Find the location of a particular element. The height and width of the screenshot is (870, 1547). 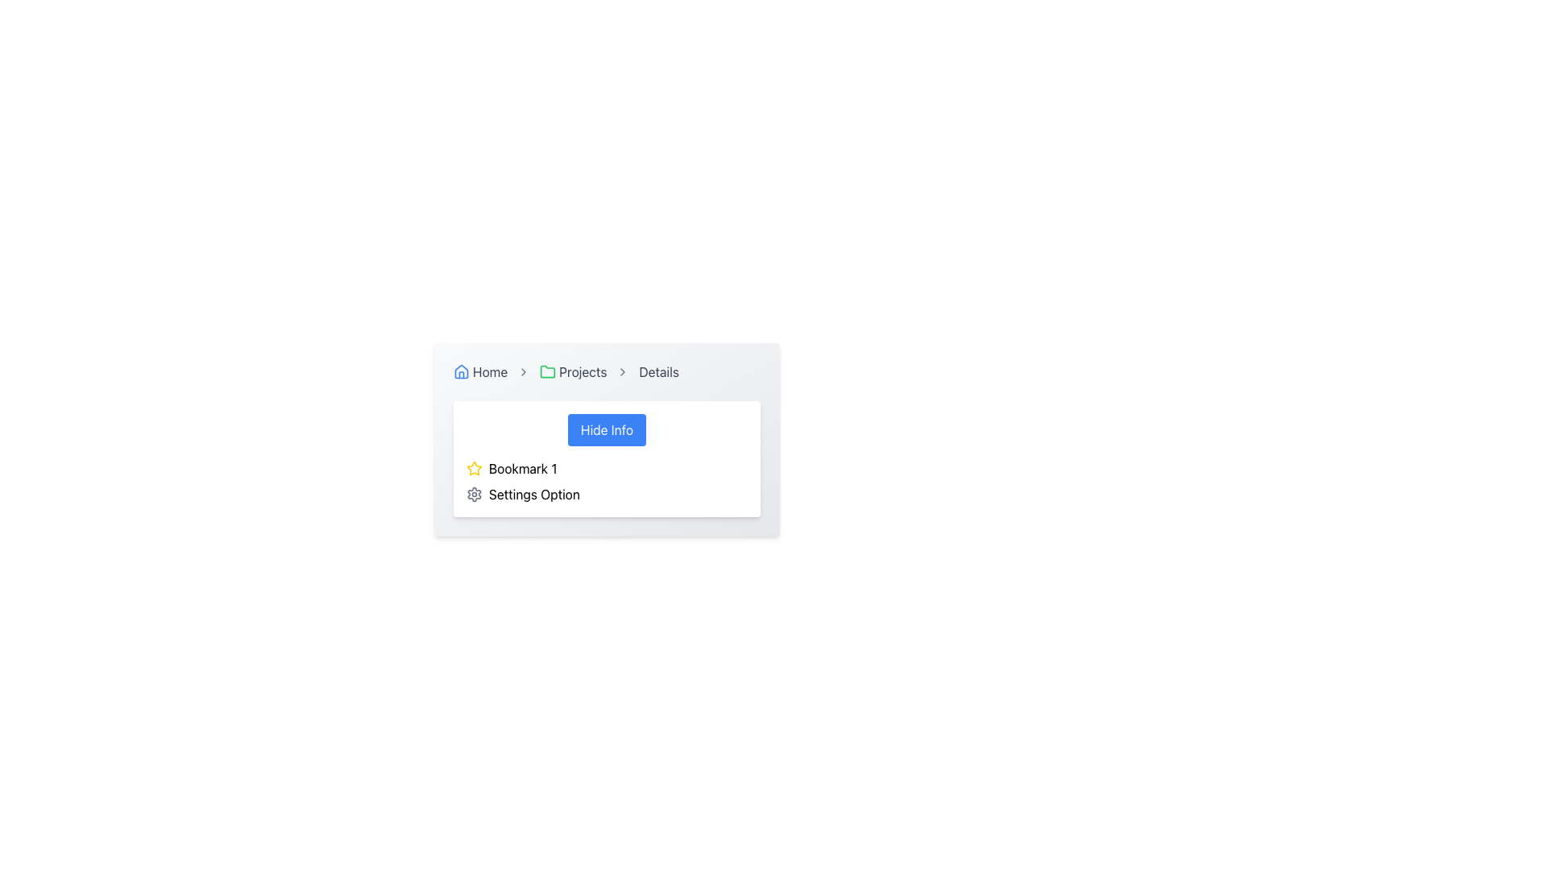

the Breadcrumb navigation item that indicates the current location in the navigation hierarchy, positioned between 'Home' and 'Details' is located at coordinates (573, 372).